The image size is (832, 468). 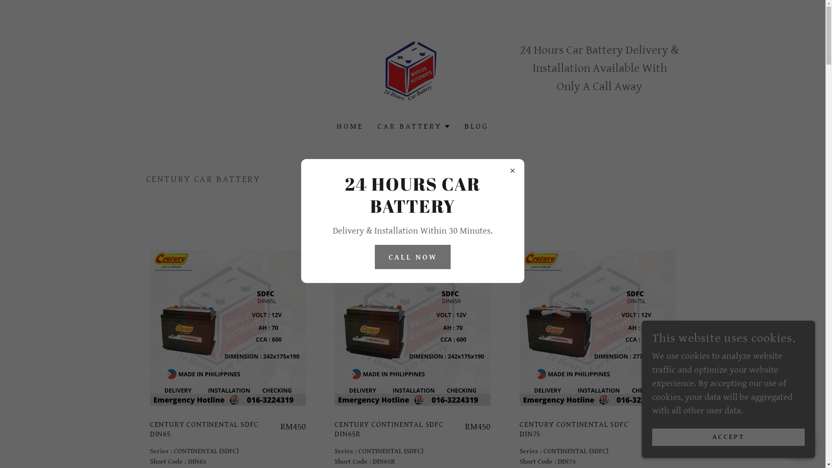 I want to click on 'BLOG', so click(x=461, y=127).